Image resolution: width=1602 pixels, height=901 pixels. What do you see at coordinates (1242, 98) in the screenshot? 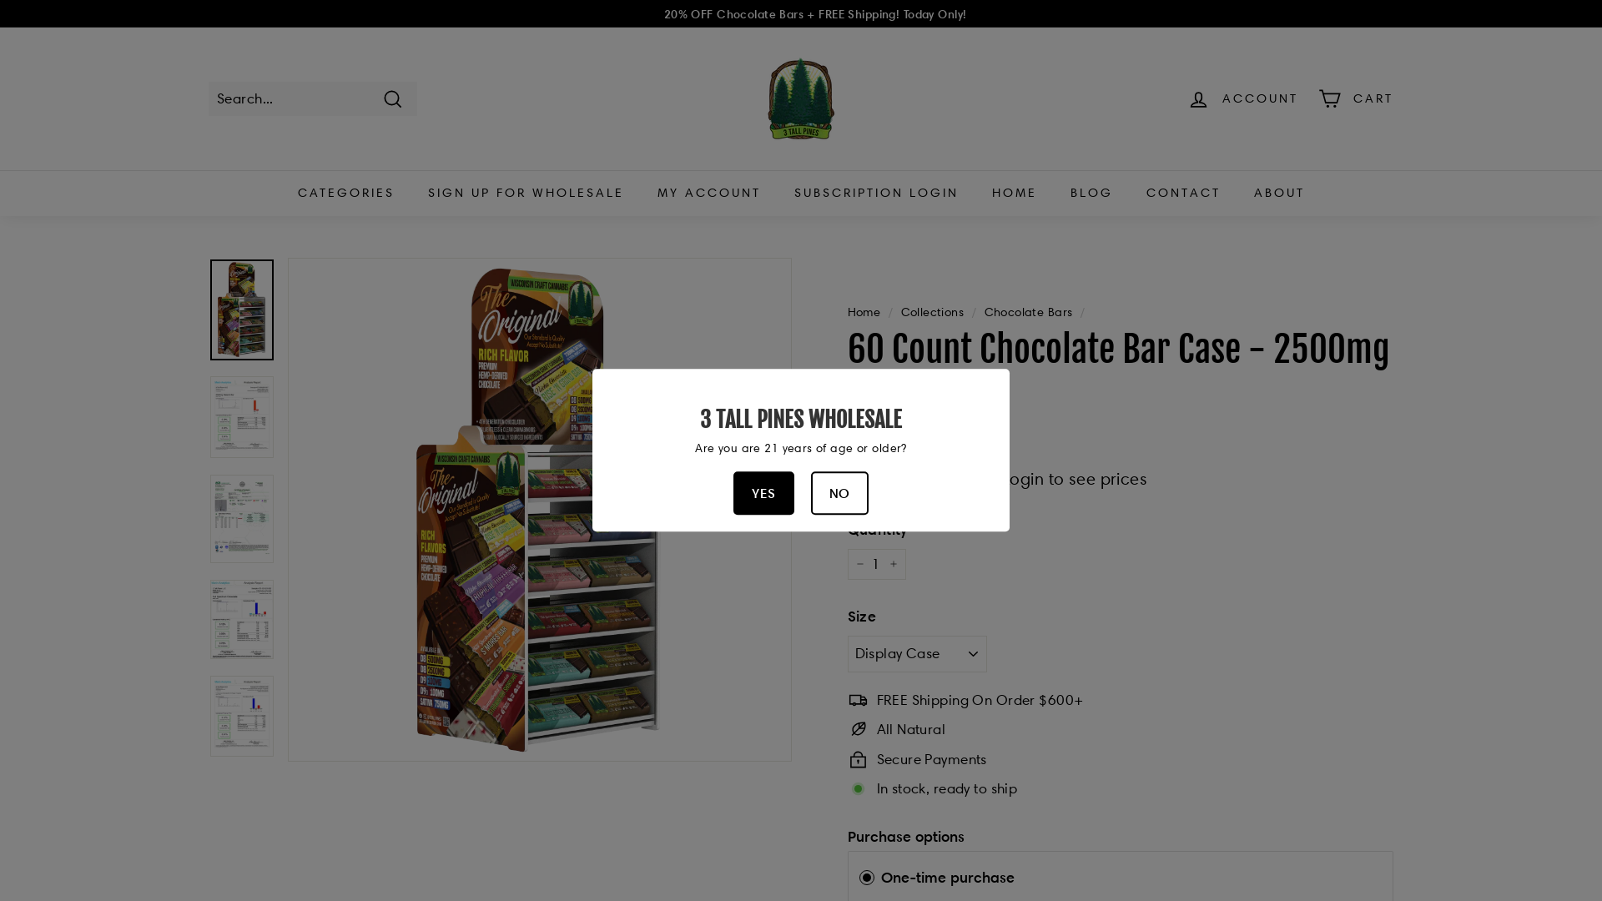
I see `'ACCOUNT'` at bounding box center [1242, 98].